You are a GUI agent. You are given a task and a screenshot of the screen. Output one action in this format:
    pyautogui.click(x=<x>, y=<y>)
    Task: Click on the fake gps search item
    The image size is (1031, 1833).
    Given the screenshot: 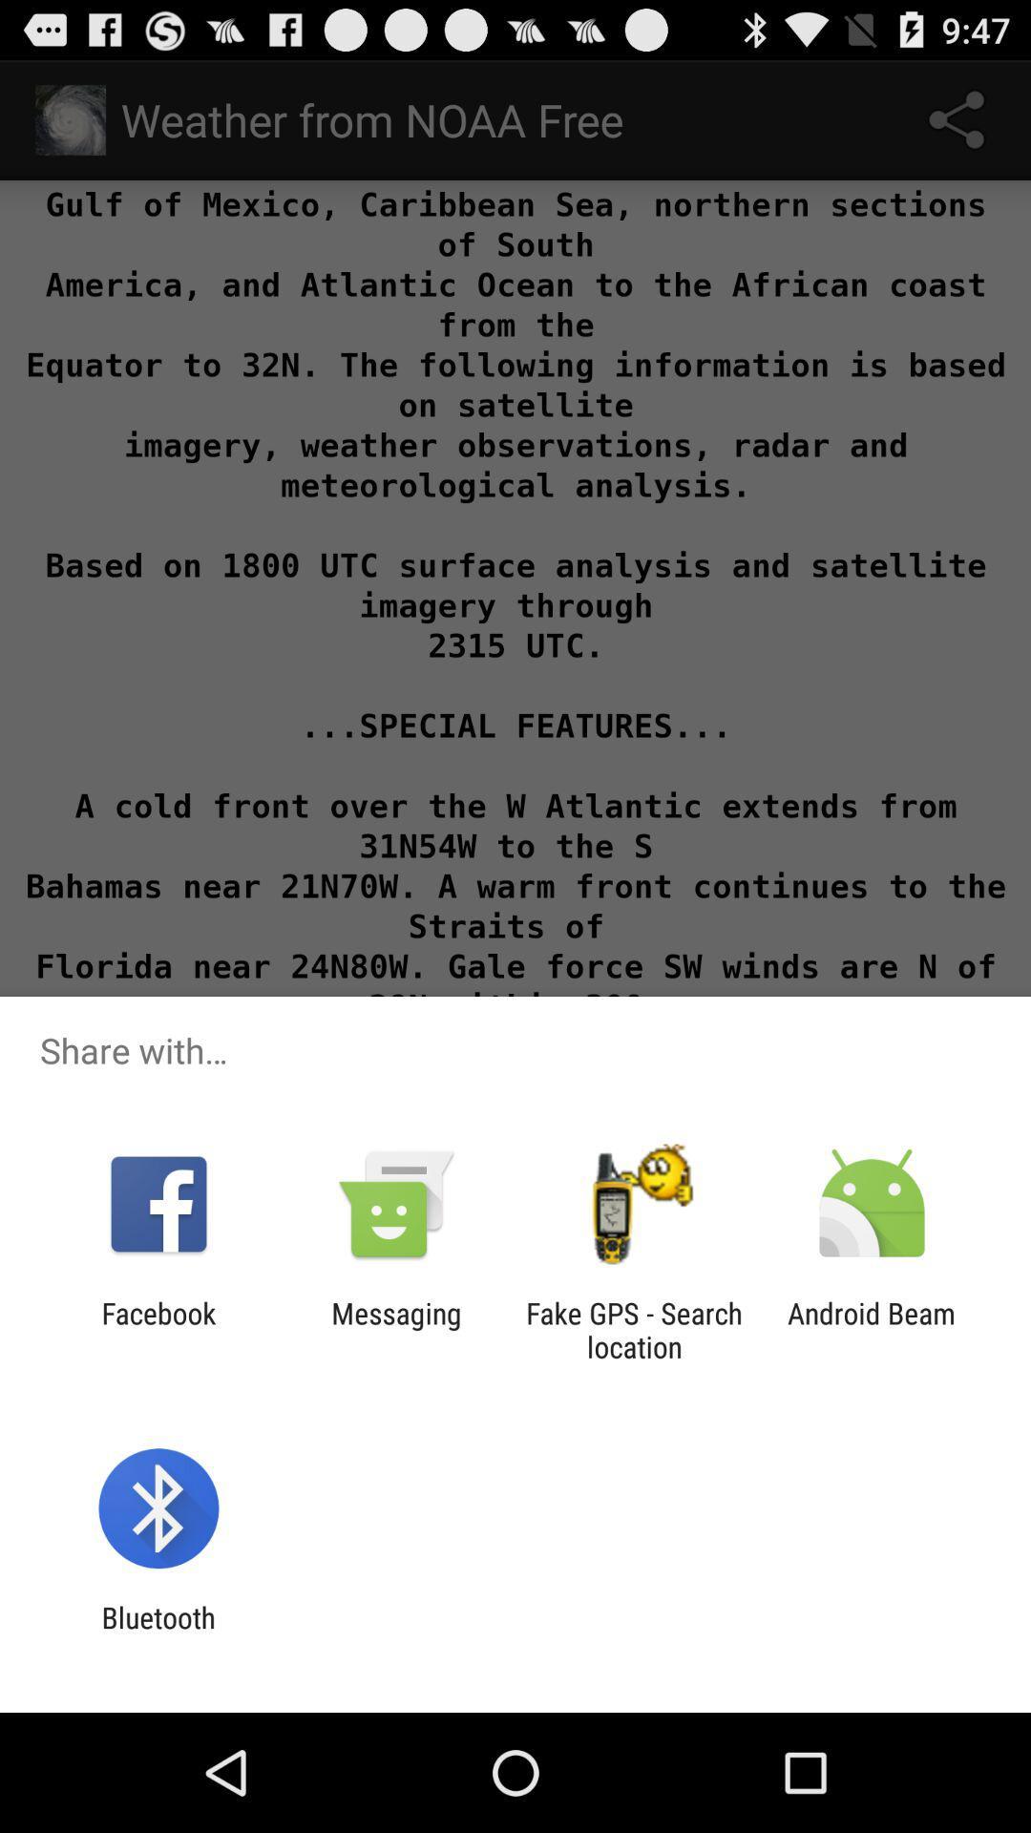 What is the action you would take?
    pyautogui.click(x=634, y=1329)
    